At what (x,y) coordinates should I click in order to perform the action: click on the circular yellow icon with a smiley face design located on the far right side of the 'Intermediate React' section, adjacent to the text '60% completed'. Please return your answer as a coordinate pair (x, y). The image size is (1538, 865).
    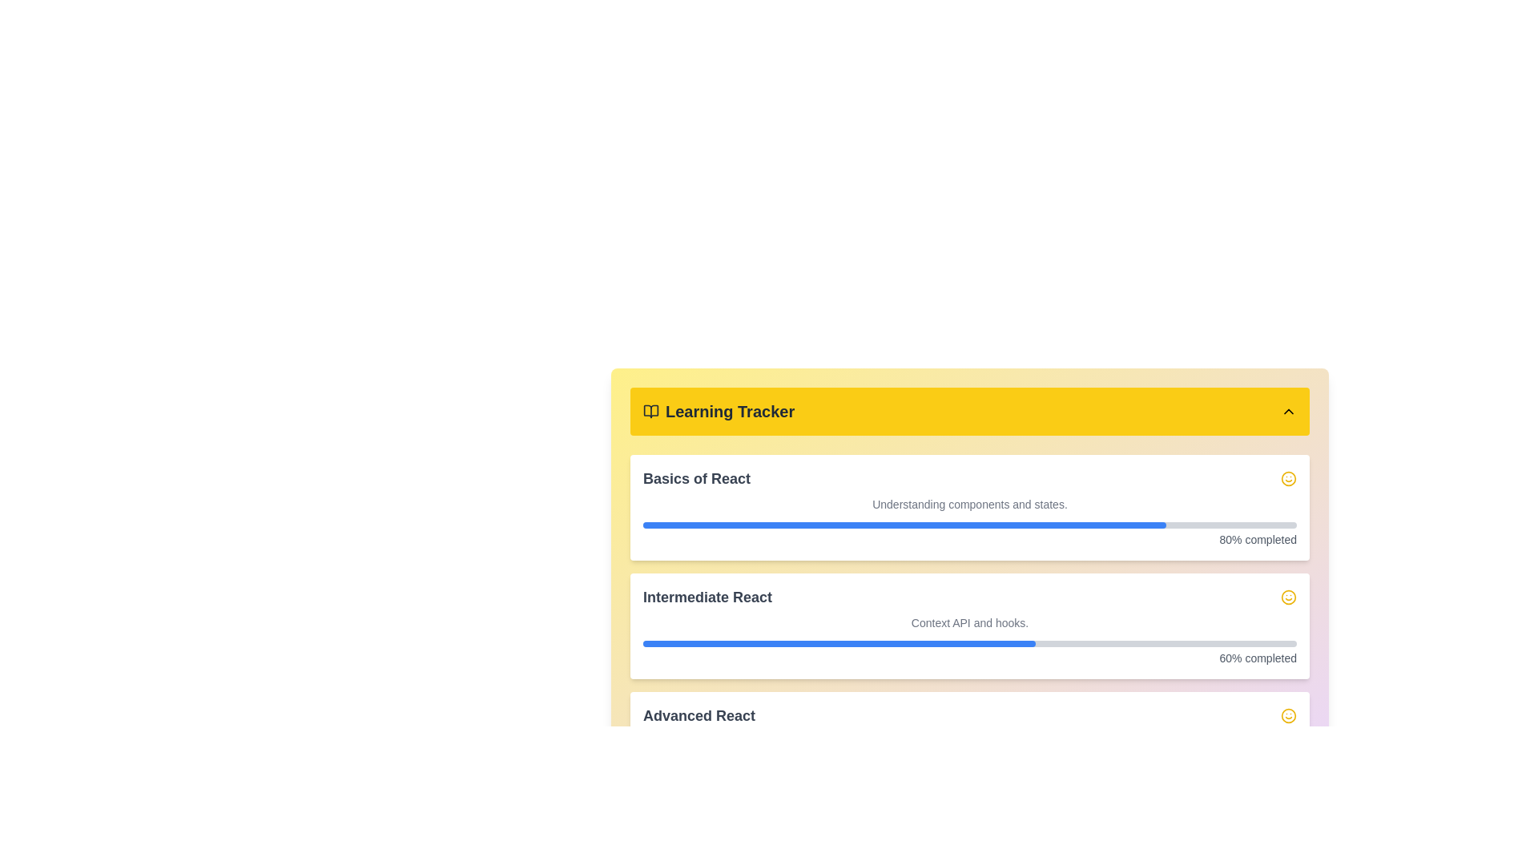
    Looking at the image, I should click on (1288, 597).